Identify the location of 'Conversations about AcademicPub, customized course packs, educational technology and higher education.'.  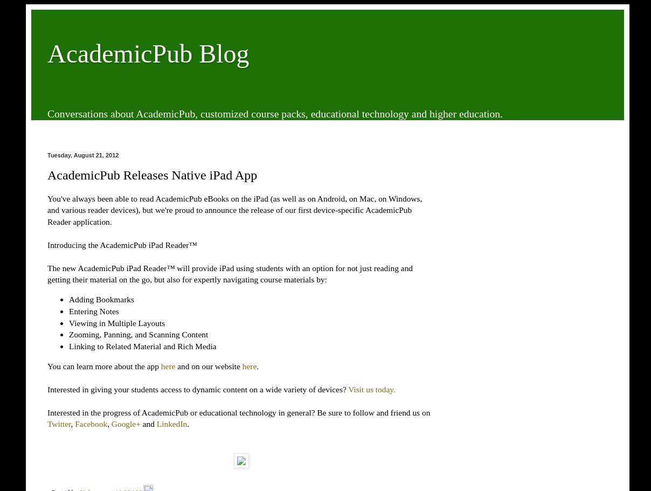
(275, 113).